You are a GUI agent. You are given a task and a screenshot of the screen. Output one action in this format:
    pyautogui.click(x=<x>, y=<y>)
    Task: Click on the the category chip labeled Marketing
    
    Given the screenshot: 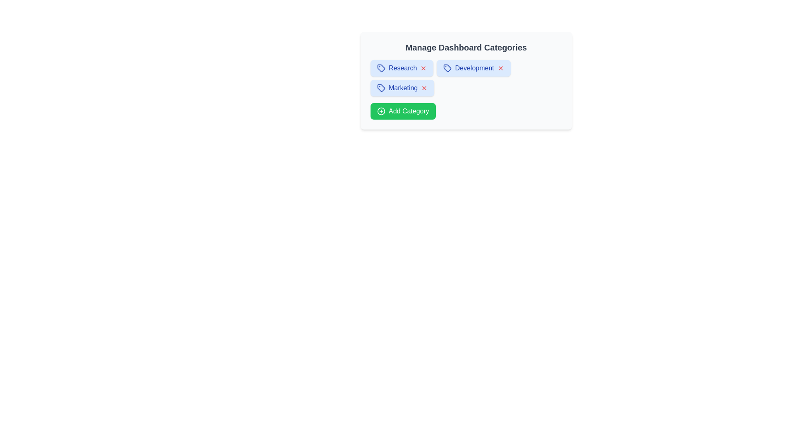 What is the action you would take?
    pyautogui.click(x=402, y=88)
    